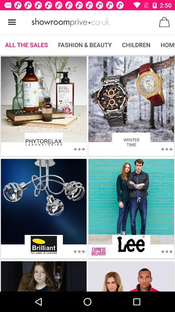 Image resolution: width=175 pixels, height=312 pixels. Describe the element at coordinates (79, 149) in the screenshot. I see `see more details` at that location.